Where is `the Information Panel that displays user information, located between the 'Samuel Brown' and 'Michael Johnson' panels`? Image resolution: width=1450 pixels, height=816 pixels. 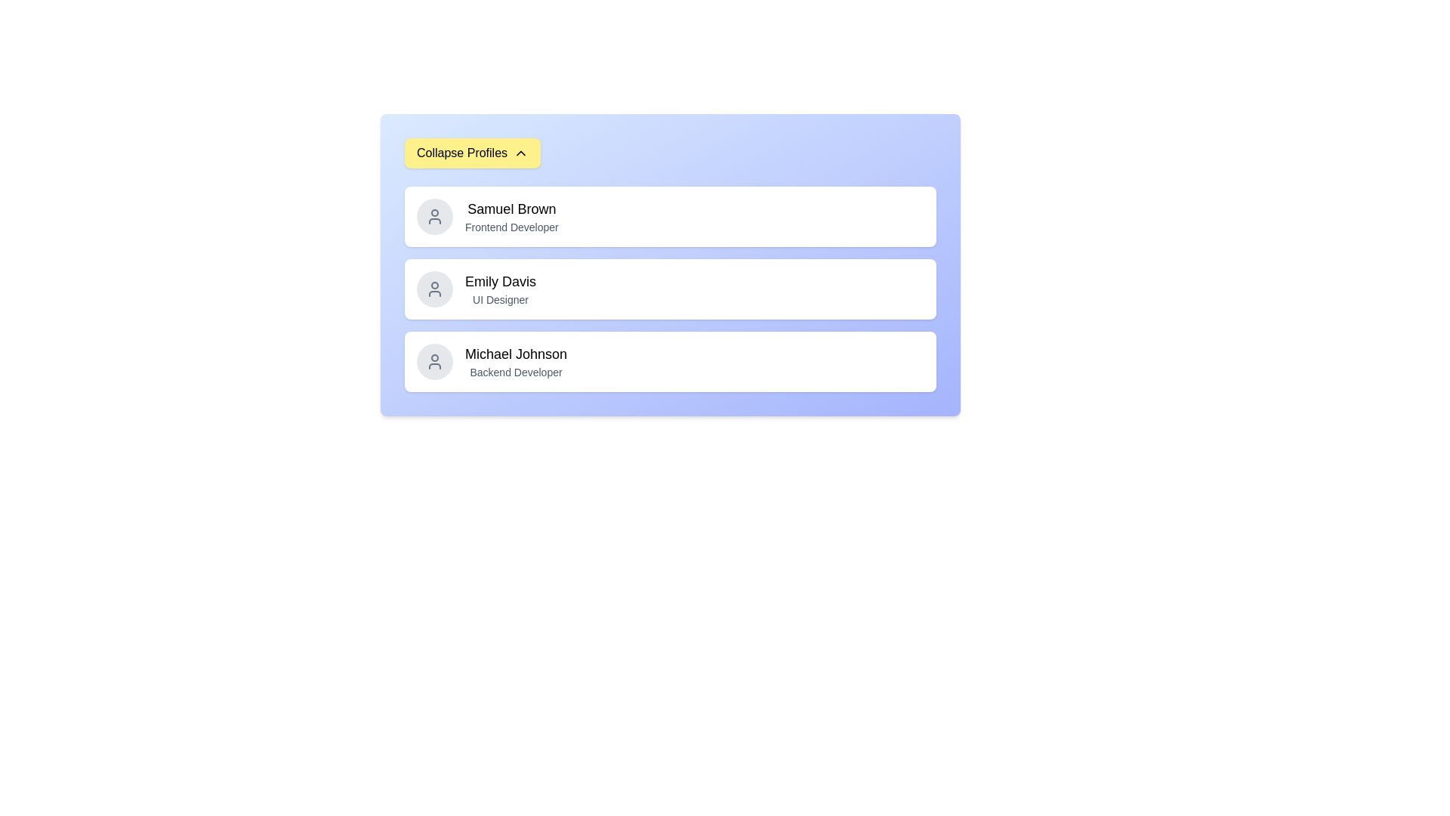 the Information Panel that displays user information, located between the 'Samuel Brown' and 'Michael Johnson' panels is located at coordinates (670, 264).